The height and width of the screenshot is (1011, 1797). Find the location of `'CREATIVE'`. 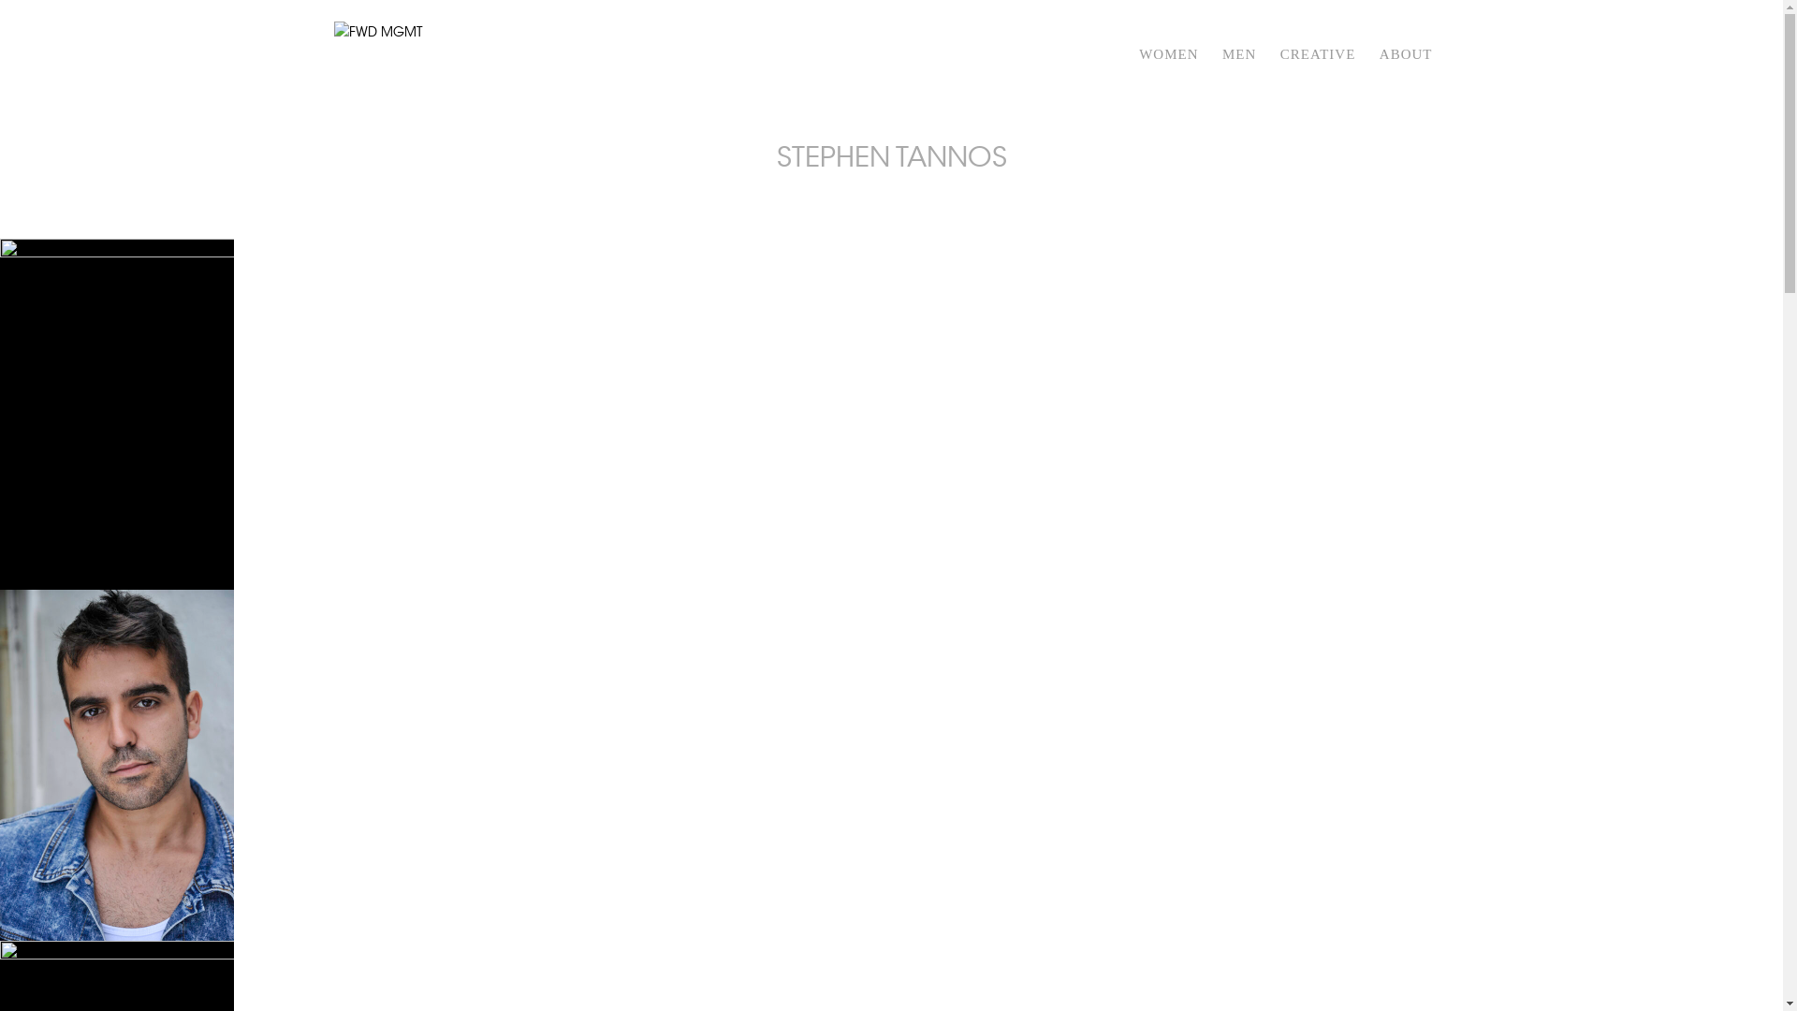

'CREATIVE' is located at coordinates (1317, 77).